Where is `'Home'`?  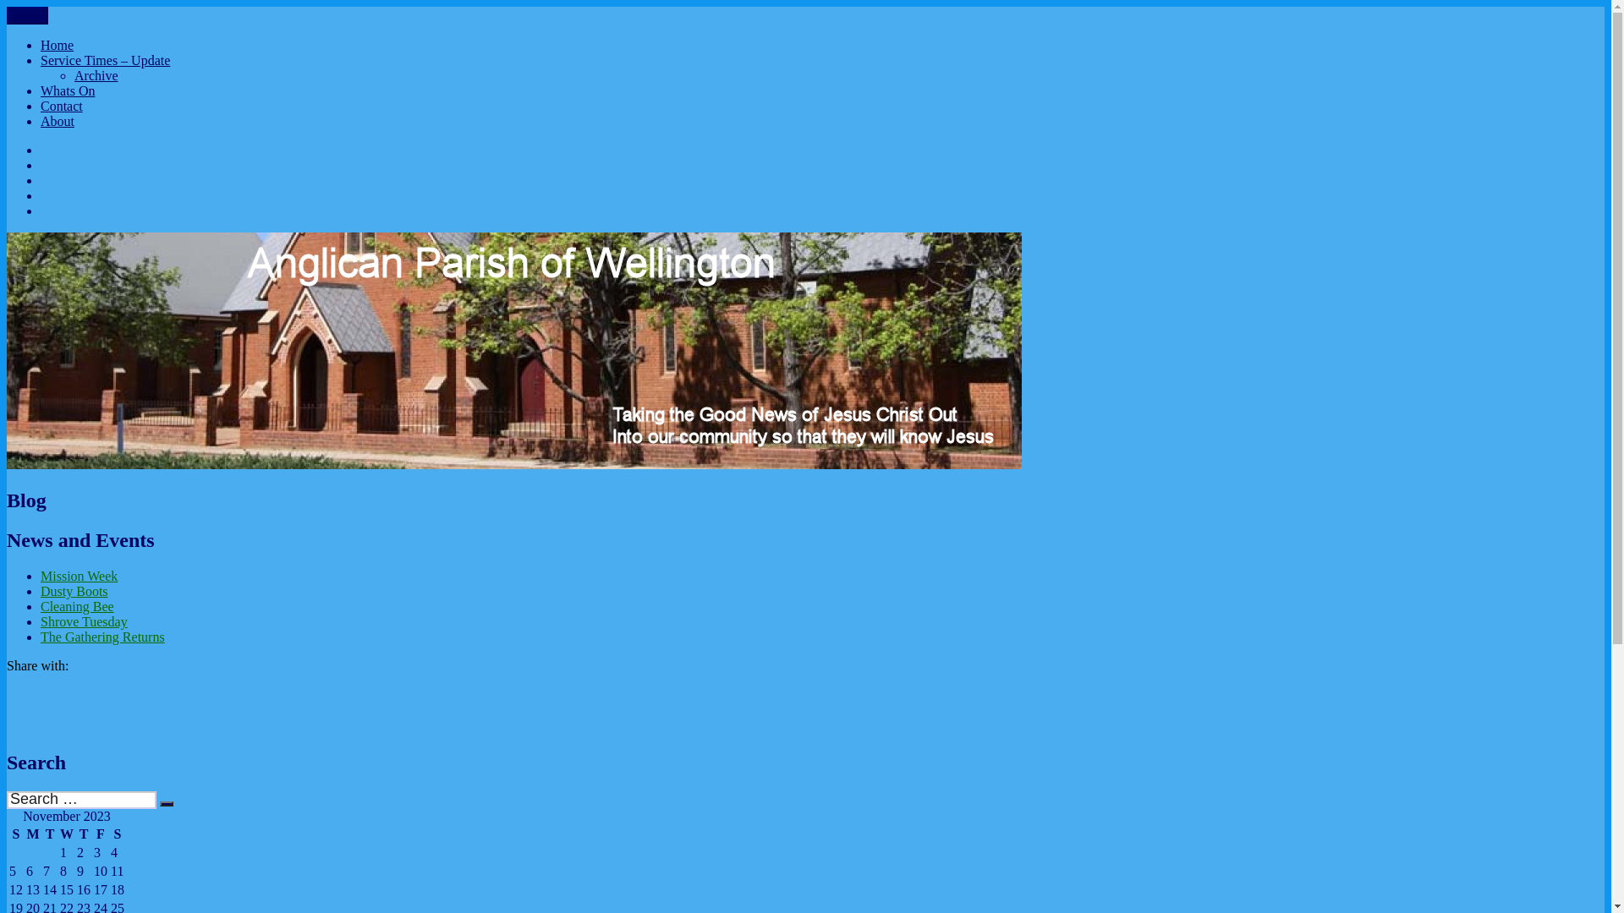
'Home' is located at coordinates (57, 44).